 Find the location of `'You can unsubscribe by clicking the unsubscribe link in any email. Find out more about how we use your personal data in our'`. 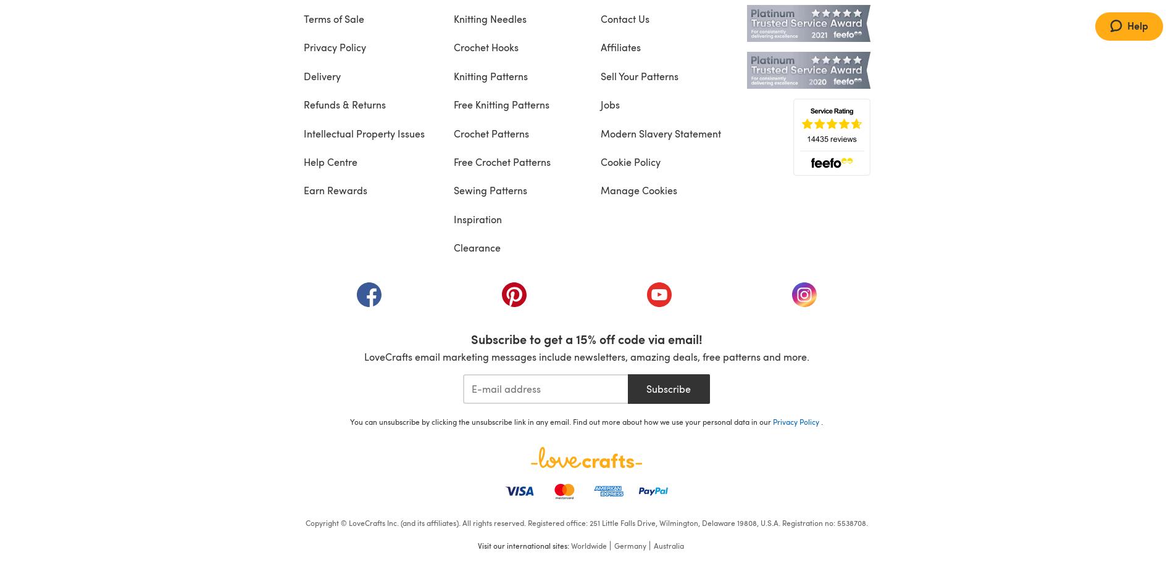

'You can unsubscribe by clicking the unsubscribe link in any email. Find out more about how we use your personal data in our' is located at coordinates (561, 420).